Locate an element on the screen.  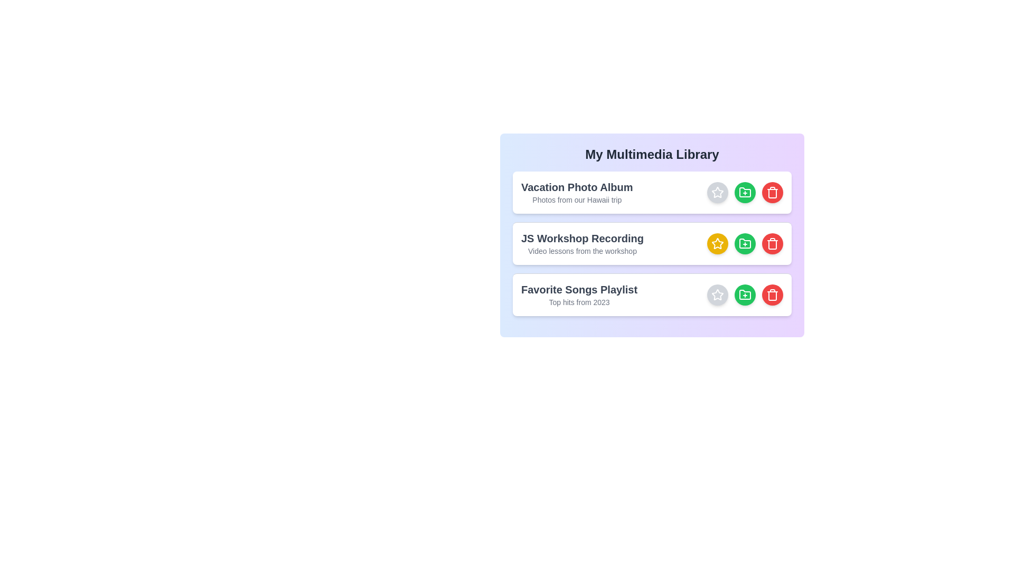
the circular green button with a white folder-plus icon, which is the third button from the left in the button group of the 'JS Workshop Recording' card in the multimedia library section is located at coordinates (745, 244).